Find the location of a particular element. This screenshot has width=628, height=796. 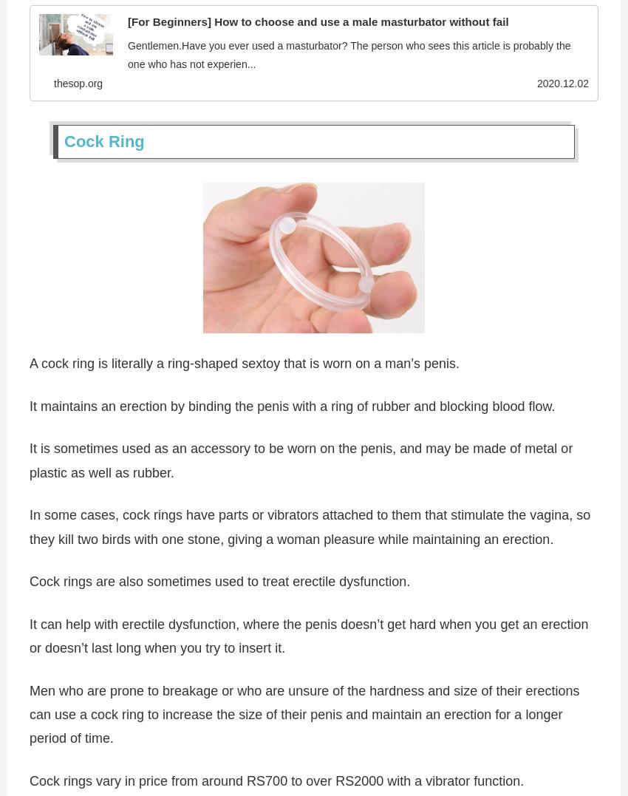

'Cock rings vary in price from around RS700 to over RS2000 with a vibrator function.' is located at coordinates (276, 783).